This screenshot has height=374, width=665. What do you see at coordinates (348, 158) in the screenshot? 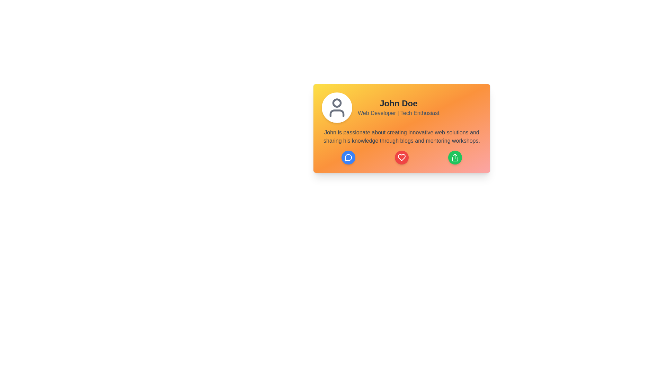
I see `the blue shaded circular icon representing the messaging functionality located in the lower left corner of the user profile card` at bounding box center [348, 158].